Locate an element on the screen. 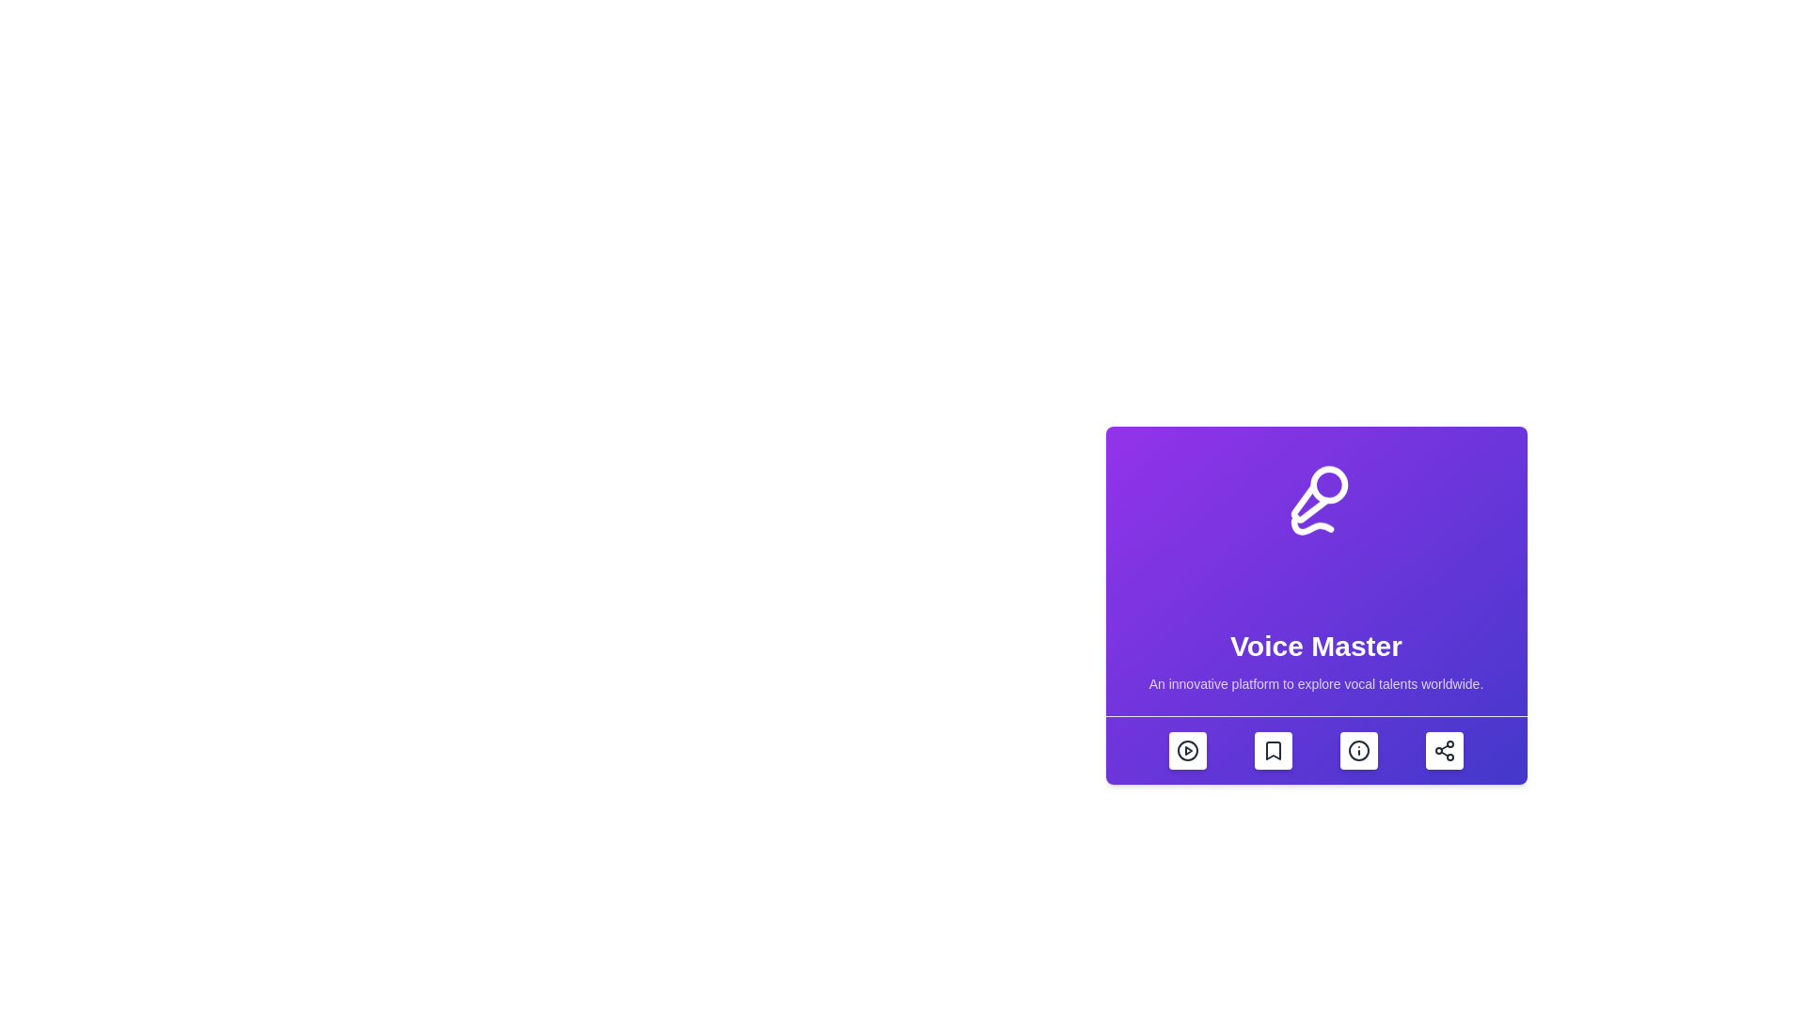 Image resolution: width=1806 pixels, height=1015 pixels. the share icon button located in the last position of the horizontal row at the bottom of the purple card section is located at coordinates (1444, 749).